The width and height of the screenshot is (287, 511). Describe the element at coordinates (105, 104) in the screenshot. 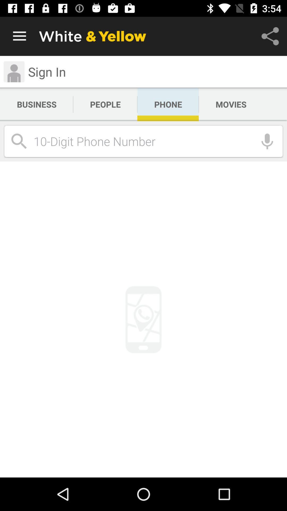

I see `the icon next to the business app` at that location.